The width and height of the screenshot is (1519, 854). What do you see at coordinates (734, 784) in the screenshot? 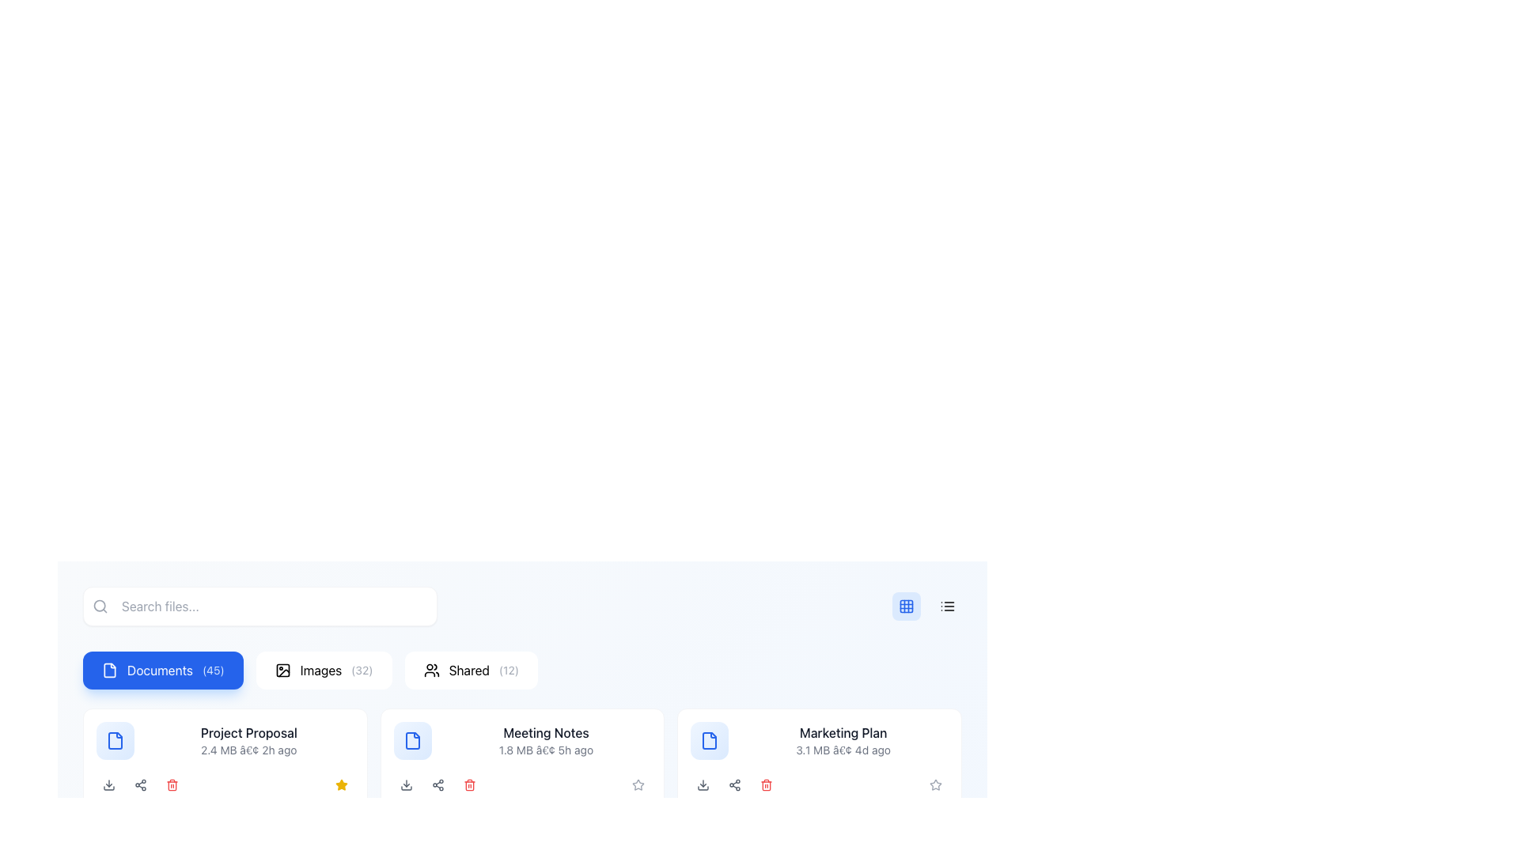
I see `the sharing button located below the 'Marketing Plan' card in the third column of documents` at bounding box center [734, 784].